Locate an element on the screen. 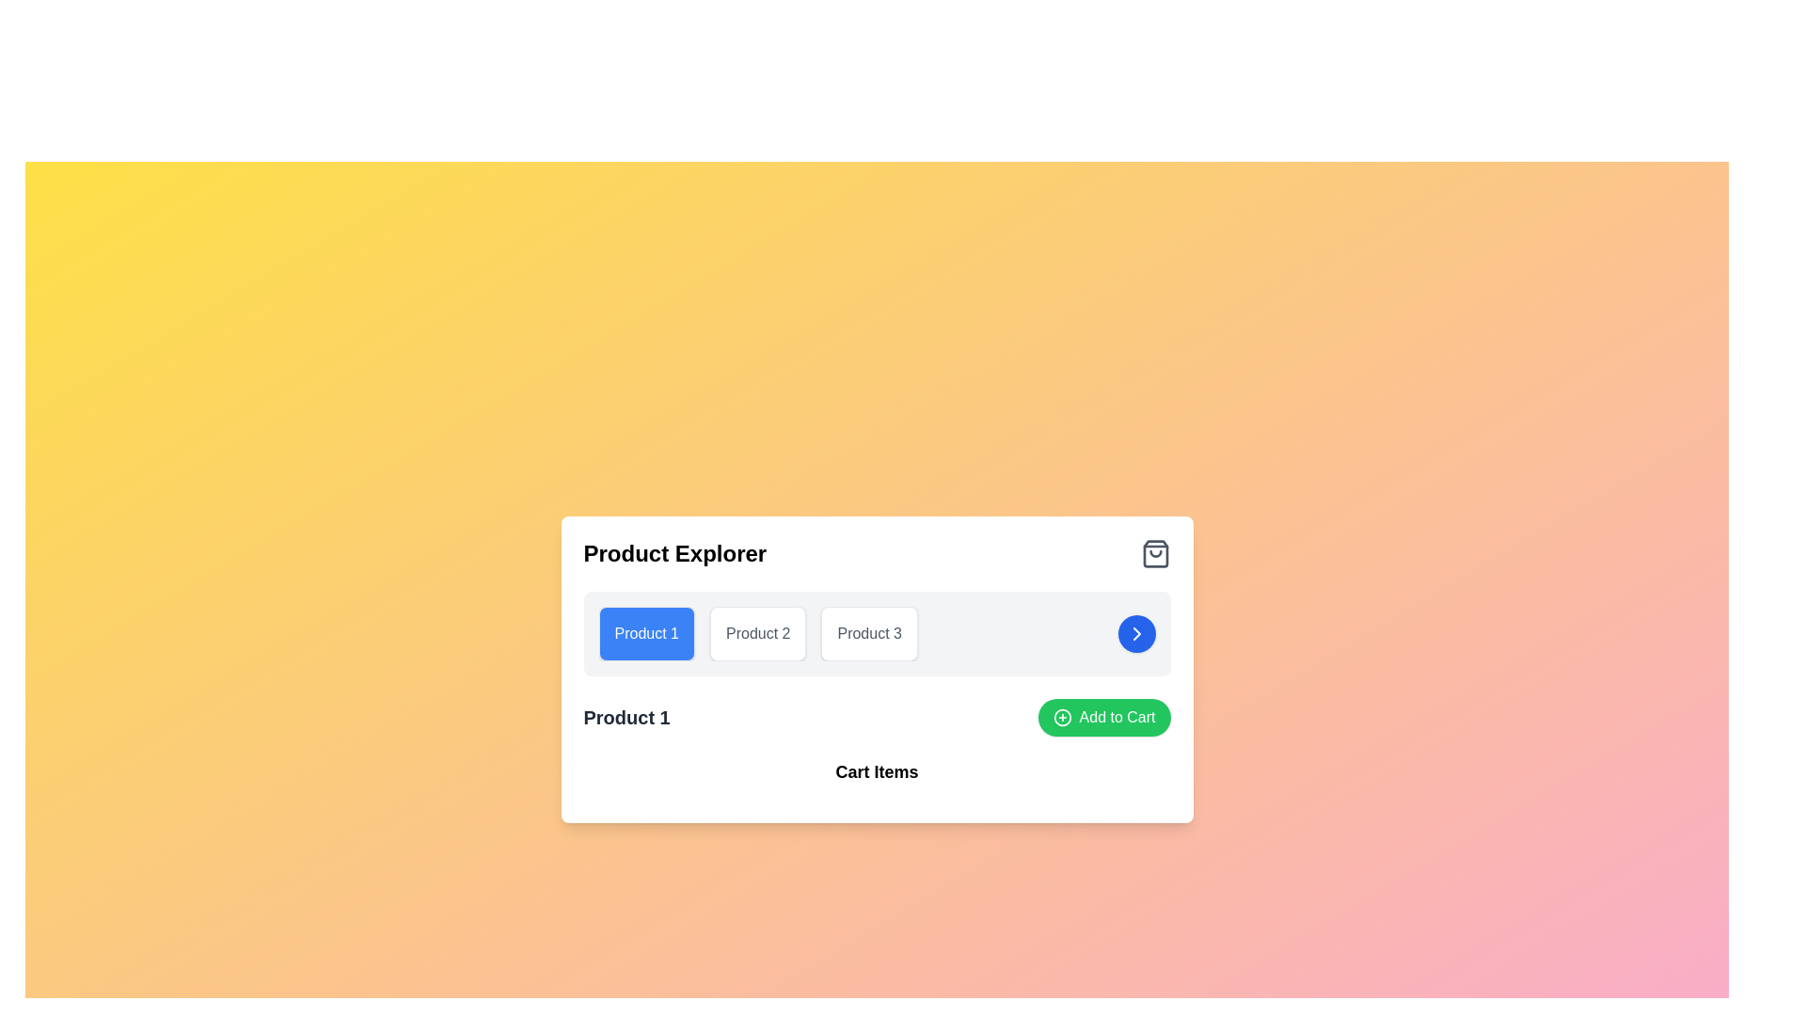 The height and width of the screenshot is (1016, 1806). the product in the Scrollable horizontal menu located below the 'Product Explorer' title is located at coordinates (876, 634).